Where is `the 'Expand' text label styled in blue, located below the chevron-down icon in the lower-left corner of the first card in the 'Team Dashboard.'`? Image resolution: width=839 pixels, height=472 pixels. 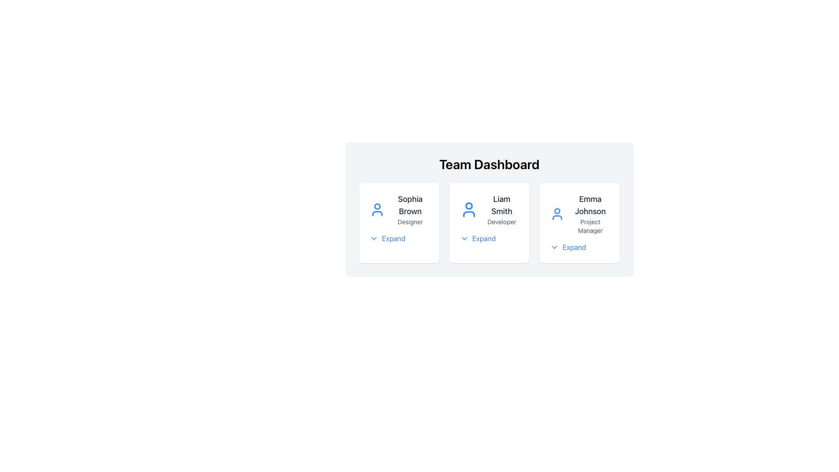 the 'Expand' text label styled in blue, located below the chevron-down icon in the lower-left corner of the first card in the 'Team Dashboard.' is located at coordinates (393, 239).